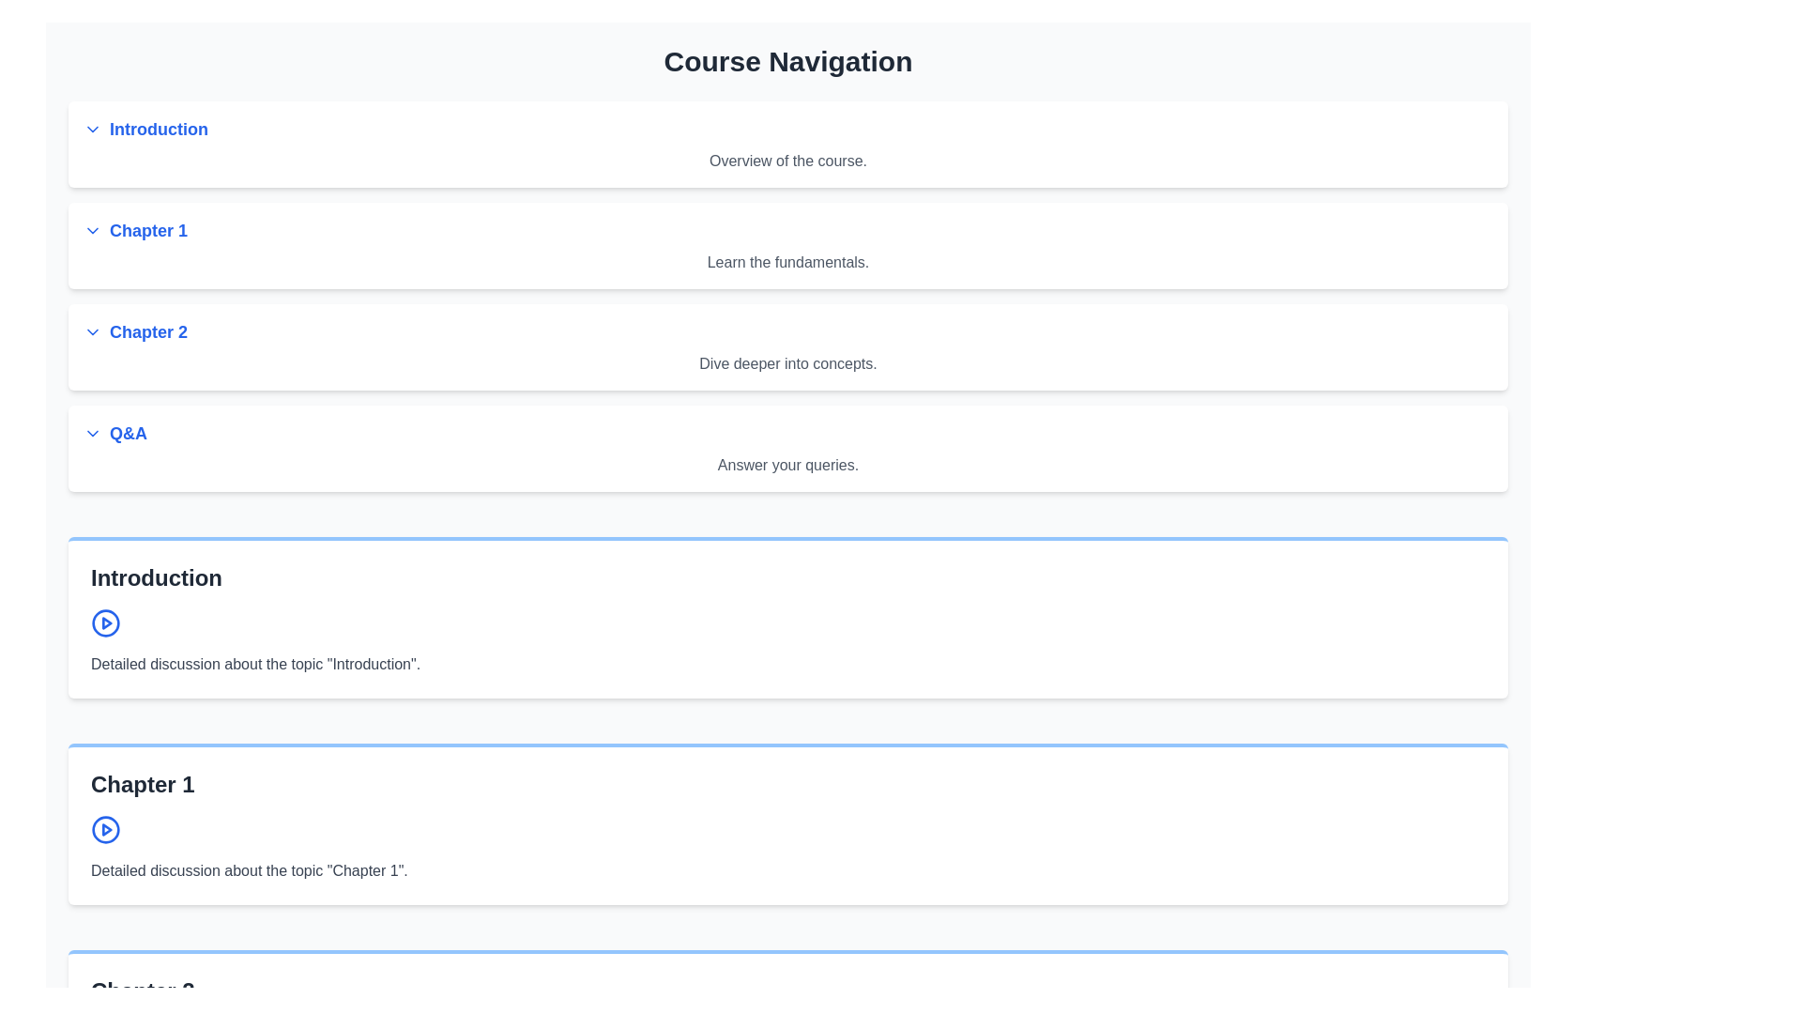 Image resolution: width=1802 pixels, height=1014 pixels. I want to click on the text block stating 'Detailed discussion about the topic "Chapter 1"', so click(248, 871).